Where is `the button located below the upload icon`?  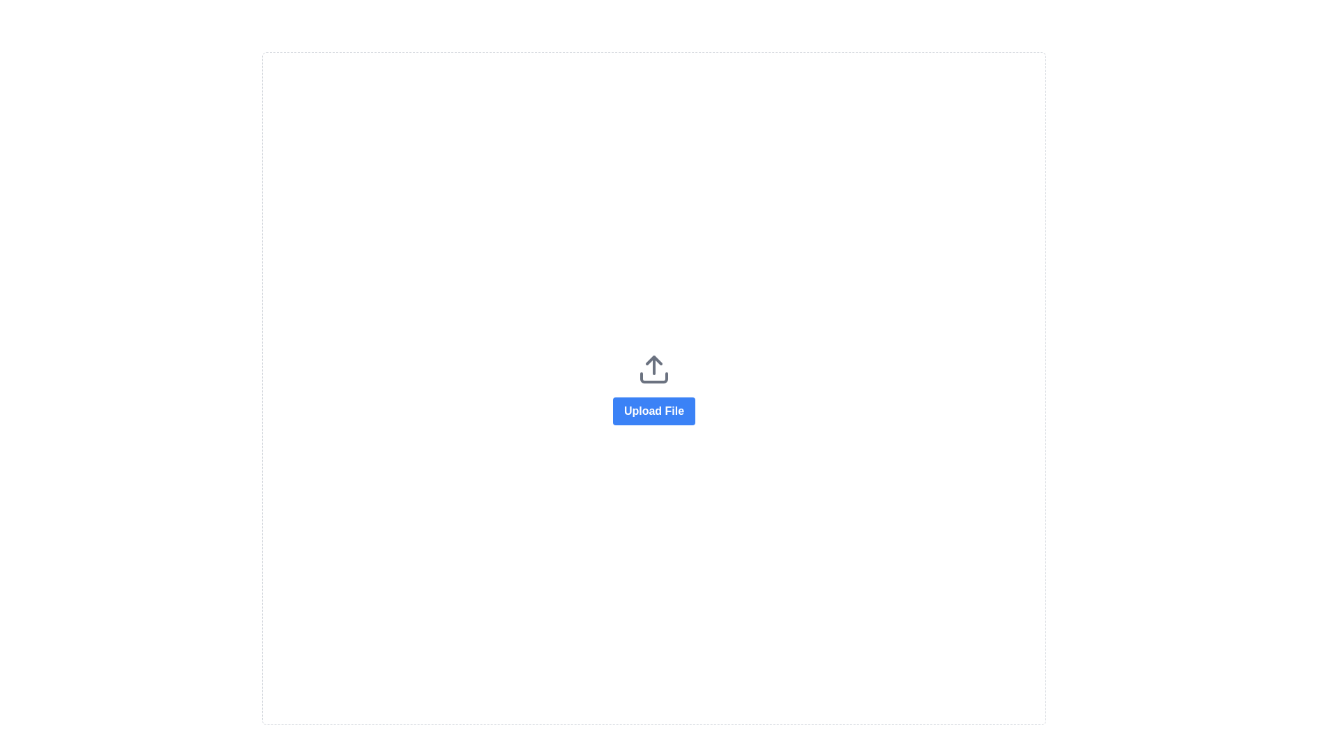 the button located below the upload icon is located at coordinates (653, 410).